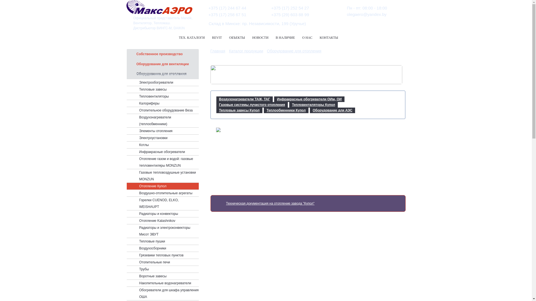 The height and width of the screenshot is (301, 536). What do you see at coordinates (208, 8) in the screenshot?
I see `'+375 (17) 244 67 44'` at bounding box center [208, 8].